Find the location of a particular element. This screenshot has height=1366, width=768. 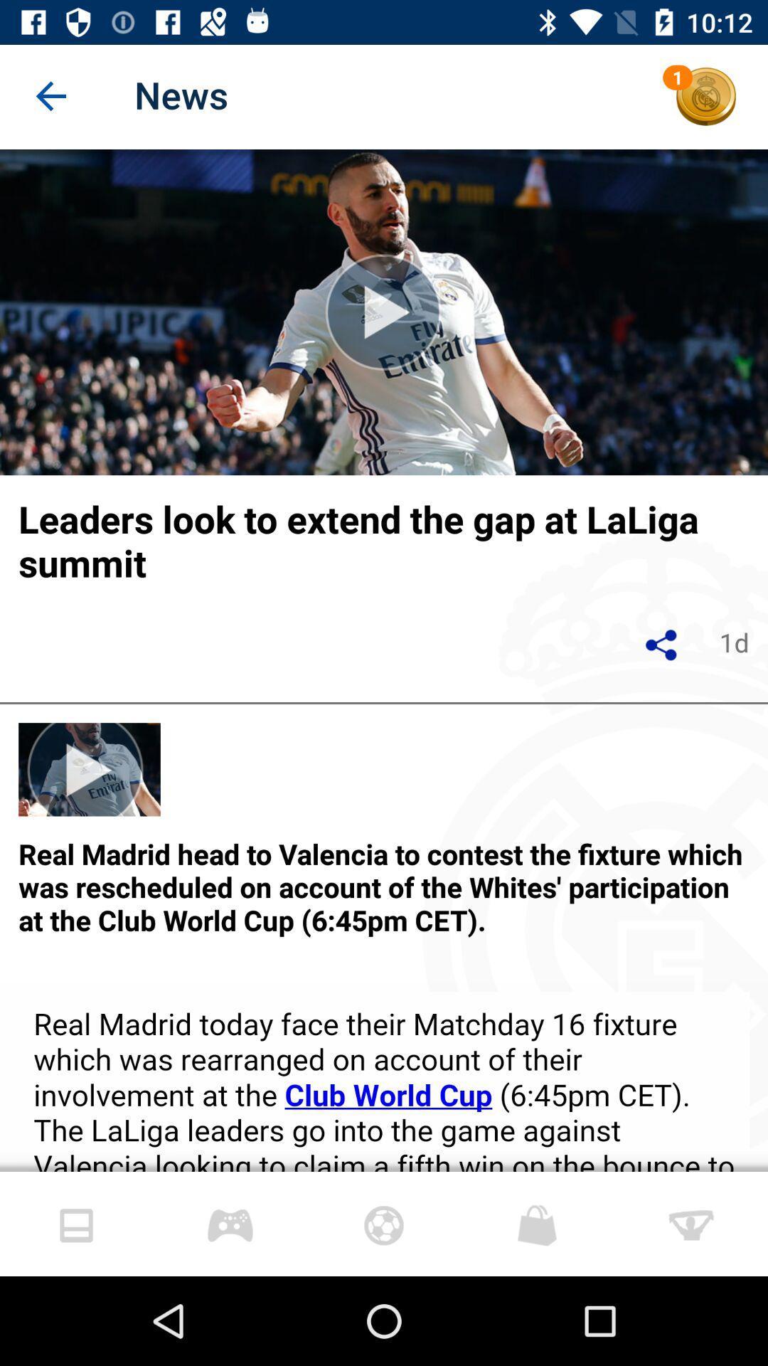

the play icon is located at coordinates (90, 768).